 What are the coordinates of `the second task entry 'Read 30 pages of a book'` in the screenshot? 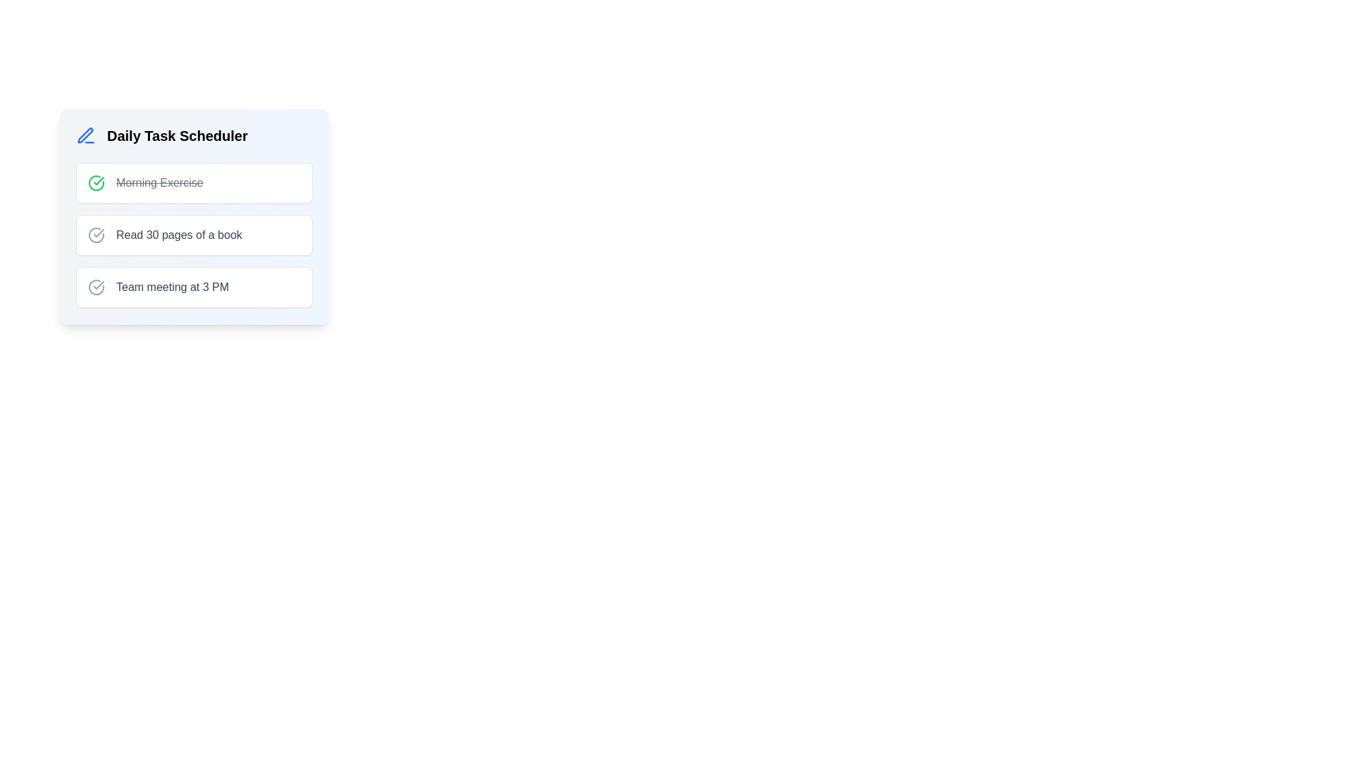 It's located at (193, 235).